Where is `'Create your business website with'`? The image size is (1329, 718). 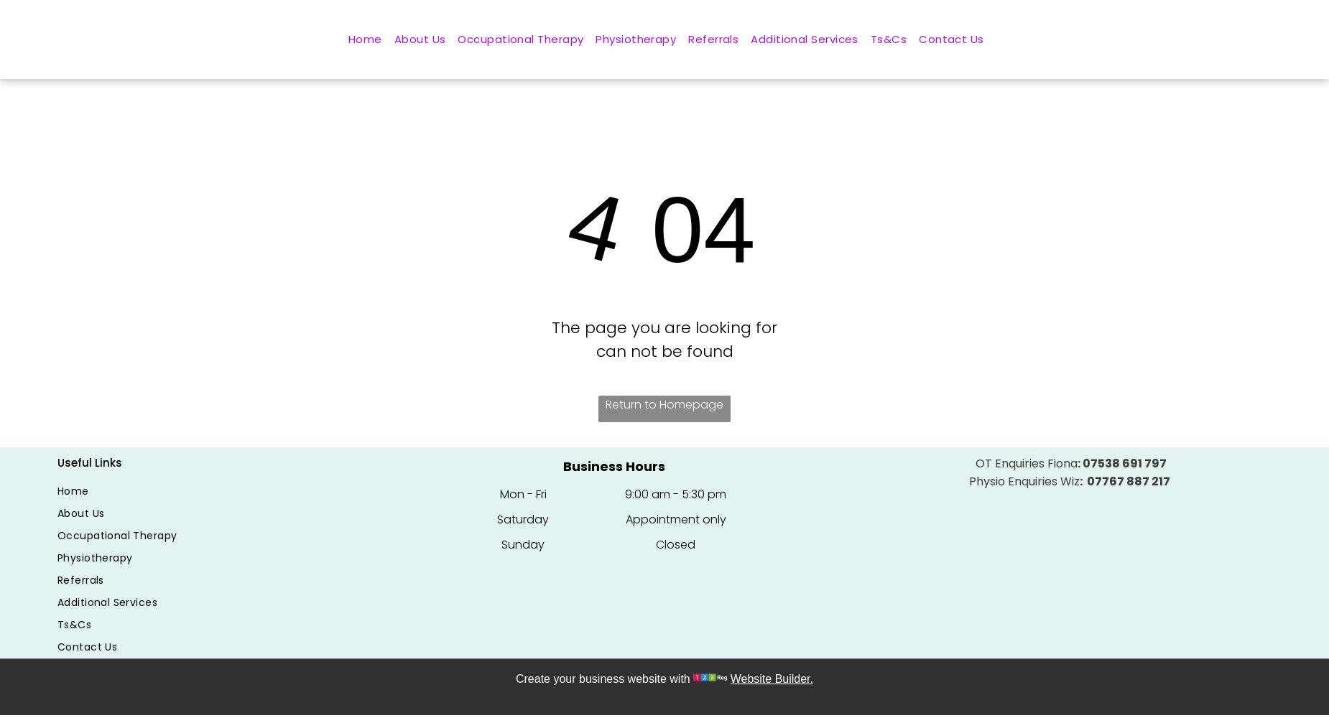
'Create your business website with' is located at coordinates (602, 677).